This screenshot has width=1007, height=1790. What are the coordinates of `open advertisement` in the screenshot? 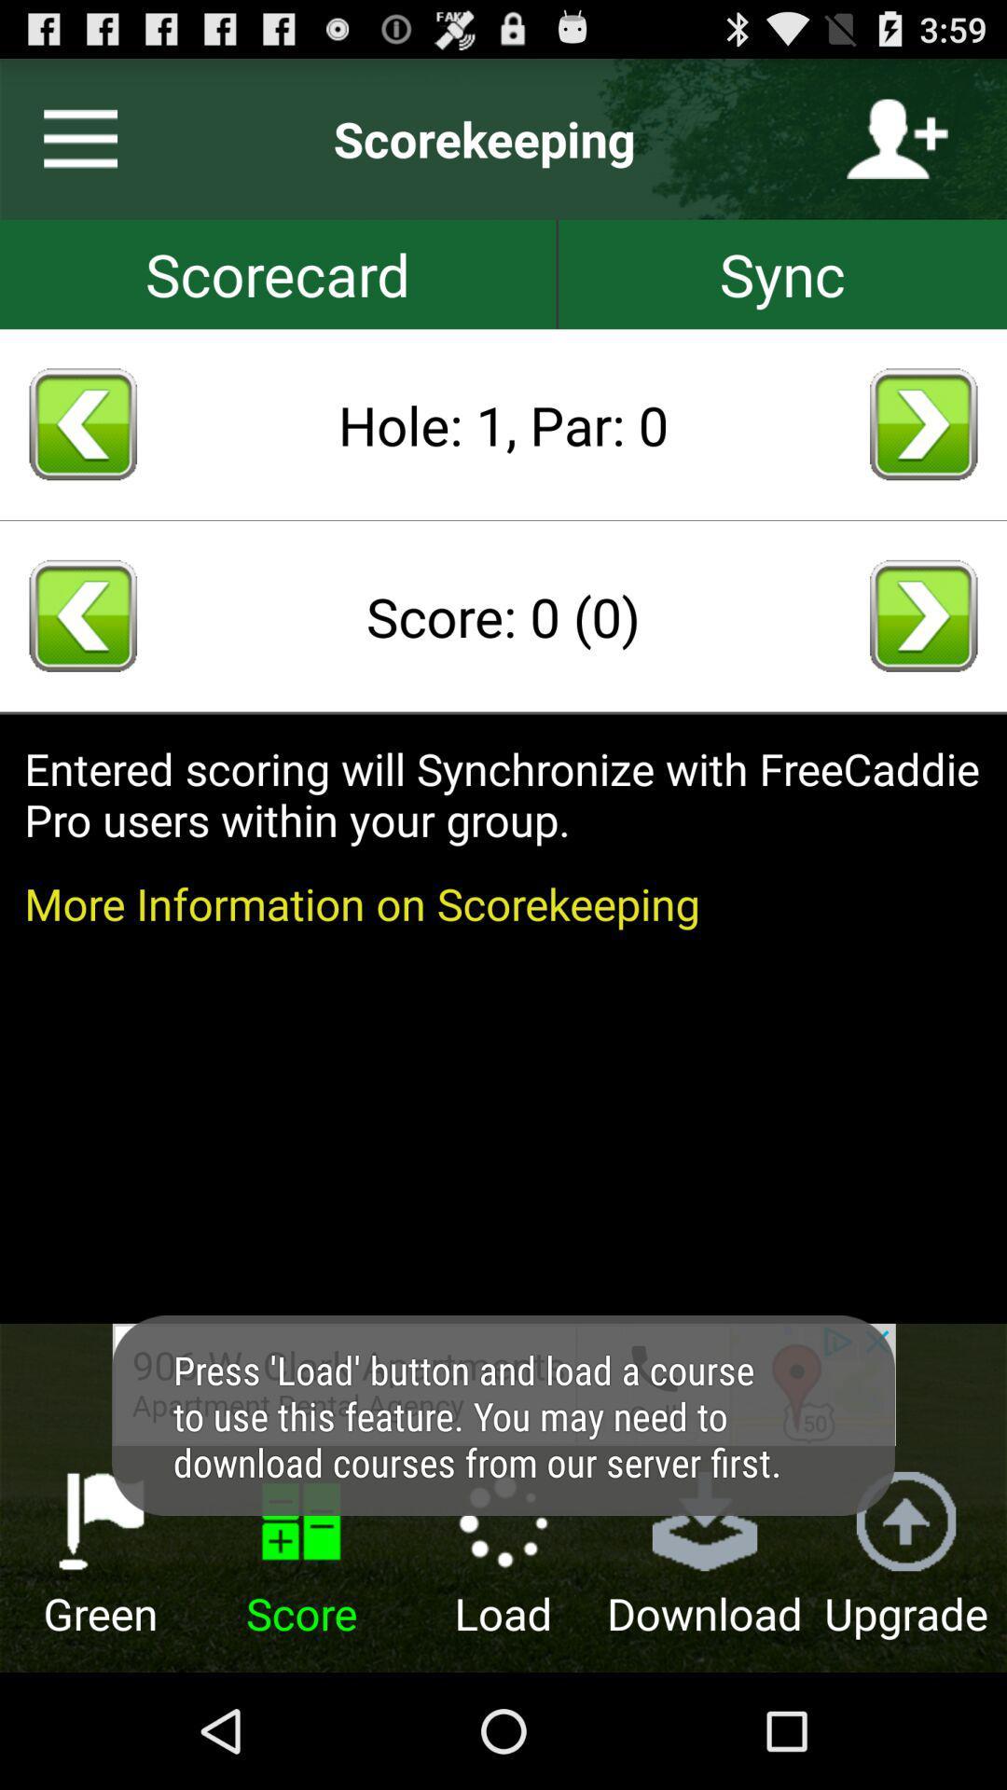 It's located at (504, 1384).